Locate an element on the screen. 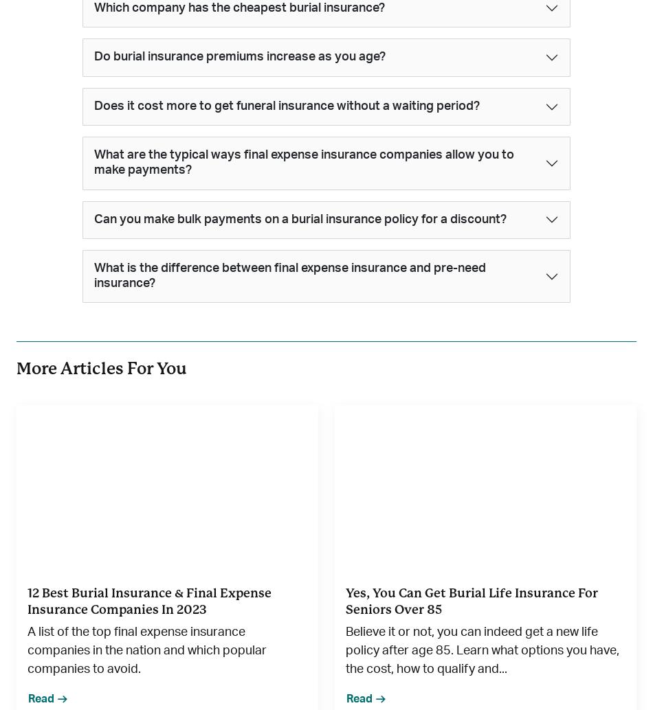 The image size is (653, 710). 'What are the typical ways final expense insurance companies allow you to make payments?' is located at coordinates (303, 162).